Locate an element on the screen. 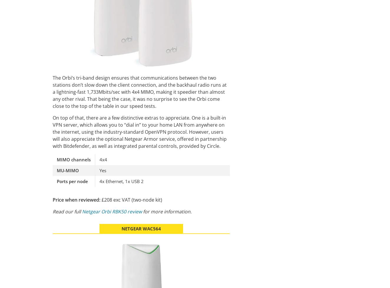 The image size is (390, 288). 'Yes' is located at coordinates (102, 170).